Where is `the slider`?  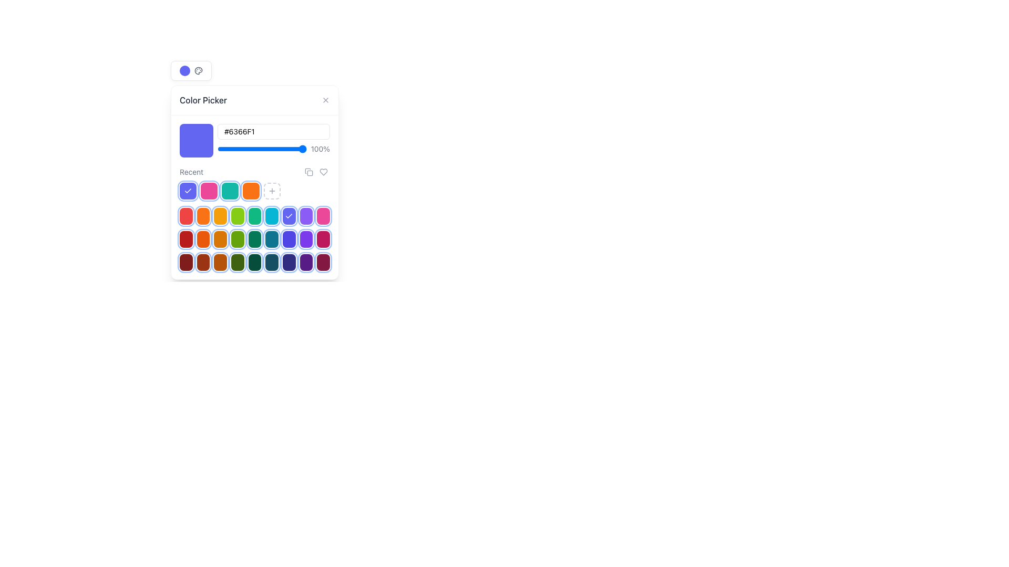 the slider is located at coordinates (297, 149).